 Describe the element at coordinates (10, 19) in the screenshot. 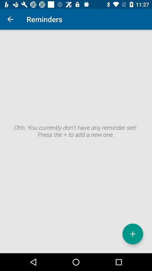

I see `item to the left of the reminders item` at that location.